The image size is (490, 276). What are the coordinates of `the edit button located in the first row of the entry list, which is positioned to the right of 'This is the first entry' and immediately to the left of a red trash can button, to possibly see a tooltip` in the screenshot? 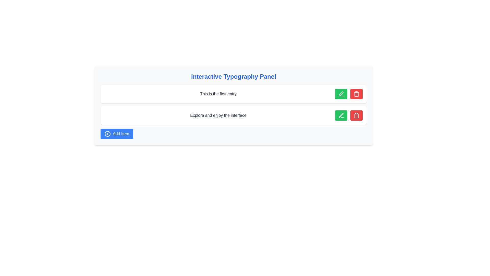 It's located at (341, 94).